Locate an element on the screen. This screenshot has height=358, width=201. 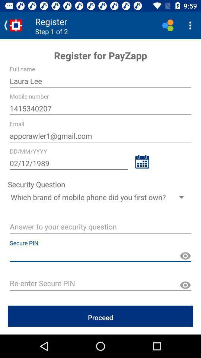
the text which says answer to your security question is located at coordinates (100, 227).